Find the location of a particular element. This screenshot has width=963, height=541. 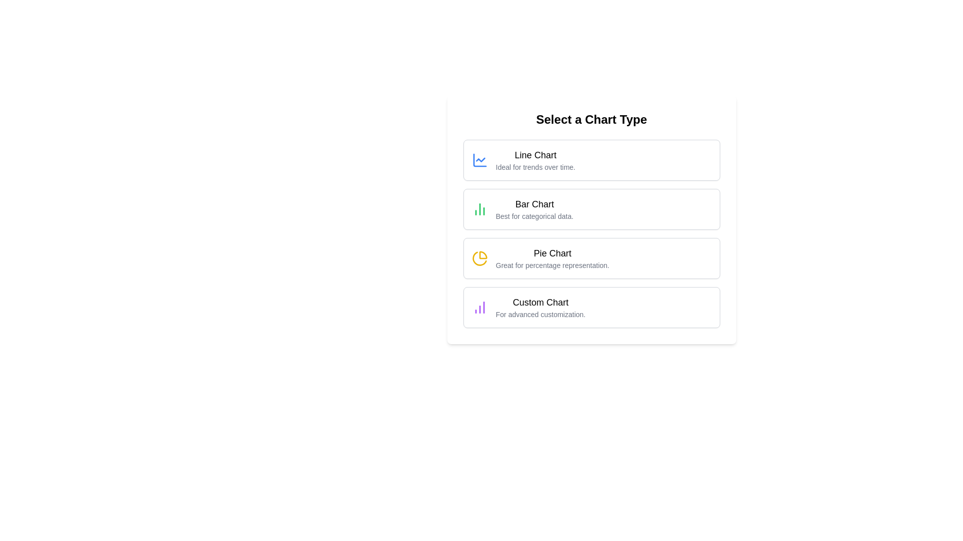

the 'Line Chart' text label within the interactive card that is positioned under the 'Select a Chart Type' header, located to the right of the blue line chart icon is located at coordinates (535, 160).